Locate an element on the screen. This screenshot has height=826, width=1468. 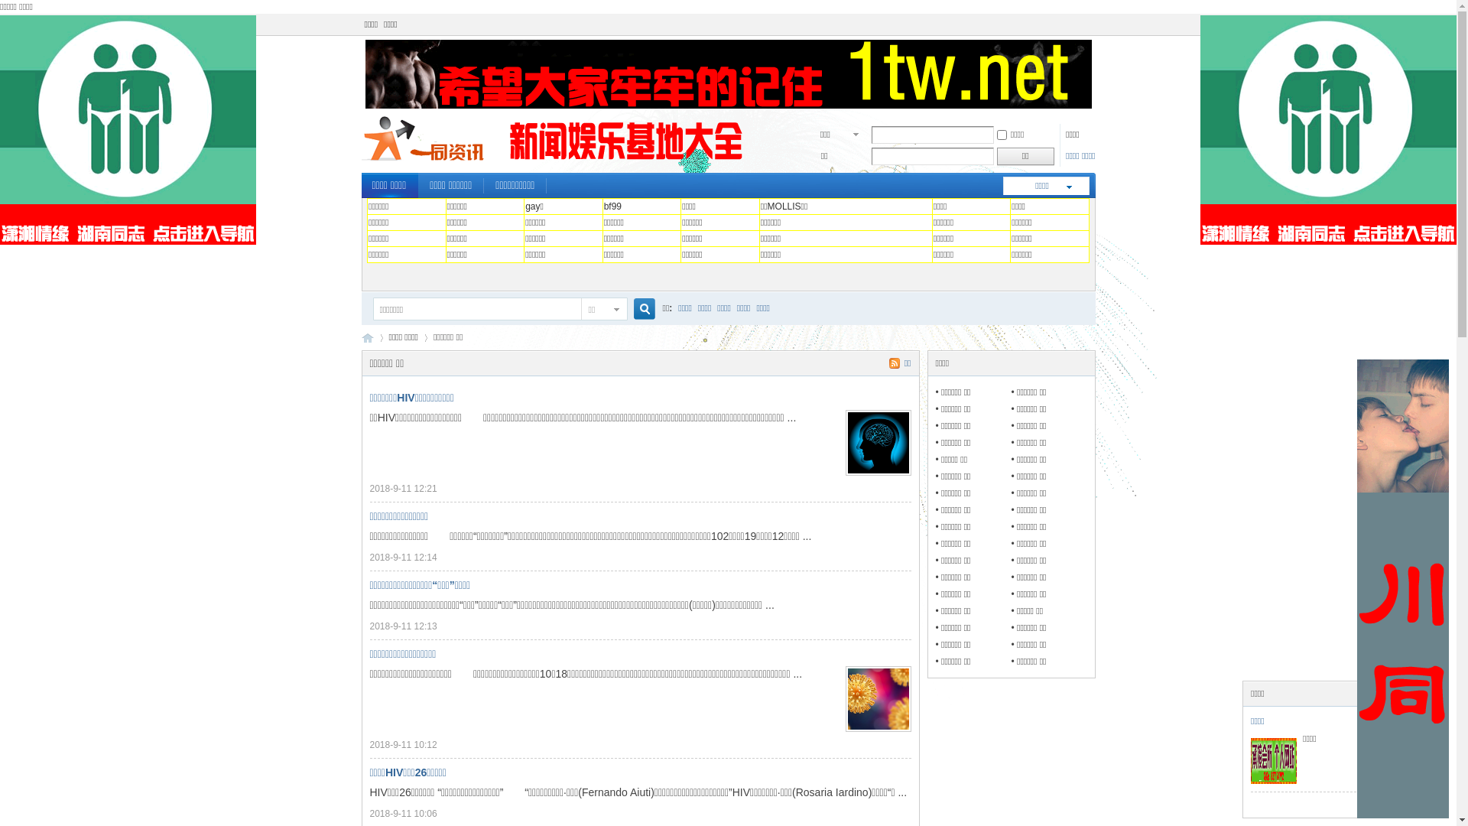
'bf99' is located at coordinates (612, 206).